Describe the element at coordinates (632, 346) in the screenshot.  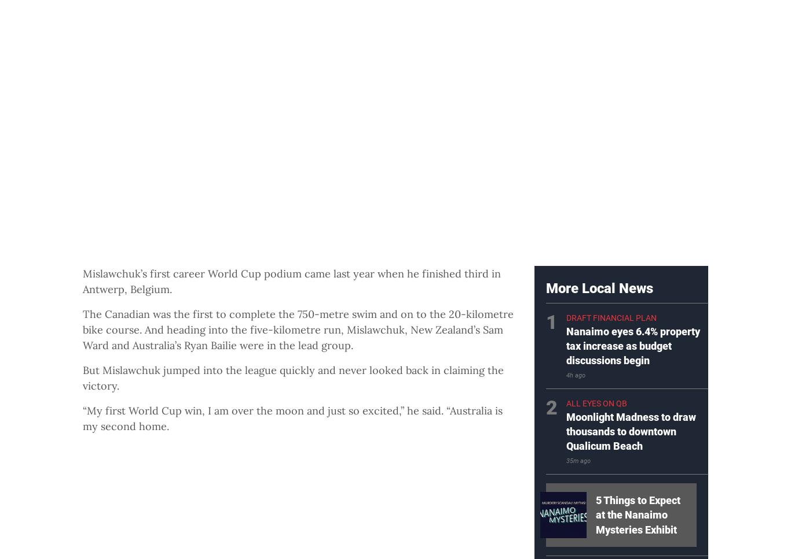
I see `'Nanaimo eyes 6.4% property tax increase as budget discussions begin'` at that location.